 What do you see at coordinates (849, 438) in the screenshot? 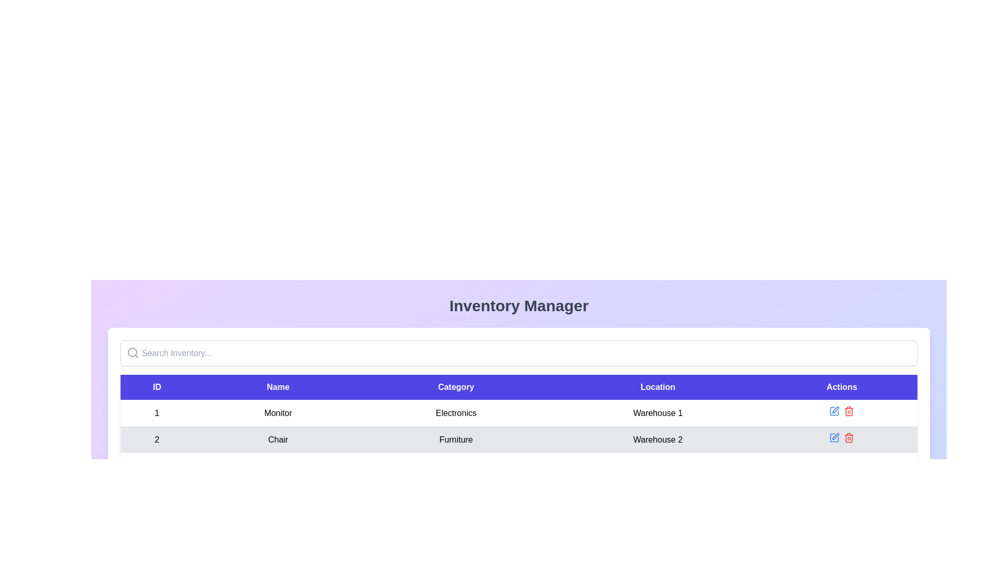
I see `the main body of the trash bin icon within the actions column of the item table` at bounding box center [849, 438].